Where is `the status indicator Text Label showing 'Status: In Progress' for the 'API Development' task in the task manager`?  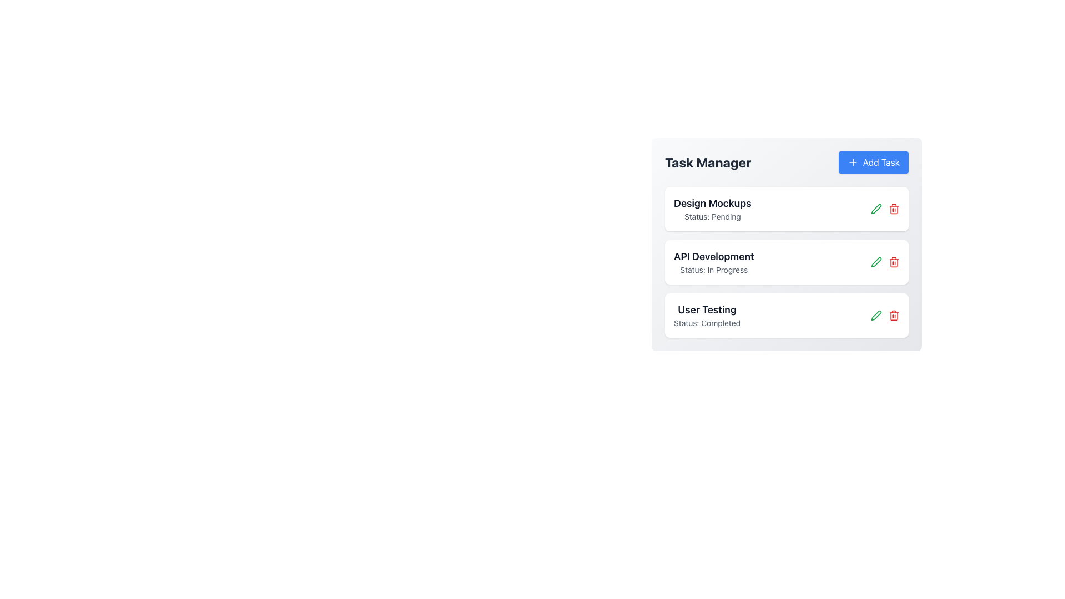 the status indicator Text Label showing 'Status: In Progress' for the 'API Development' task in the task manager is located at coordinates (714, 270).